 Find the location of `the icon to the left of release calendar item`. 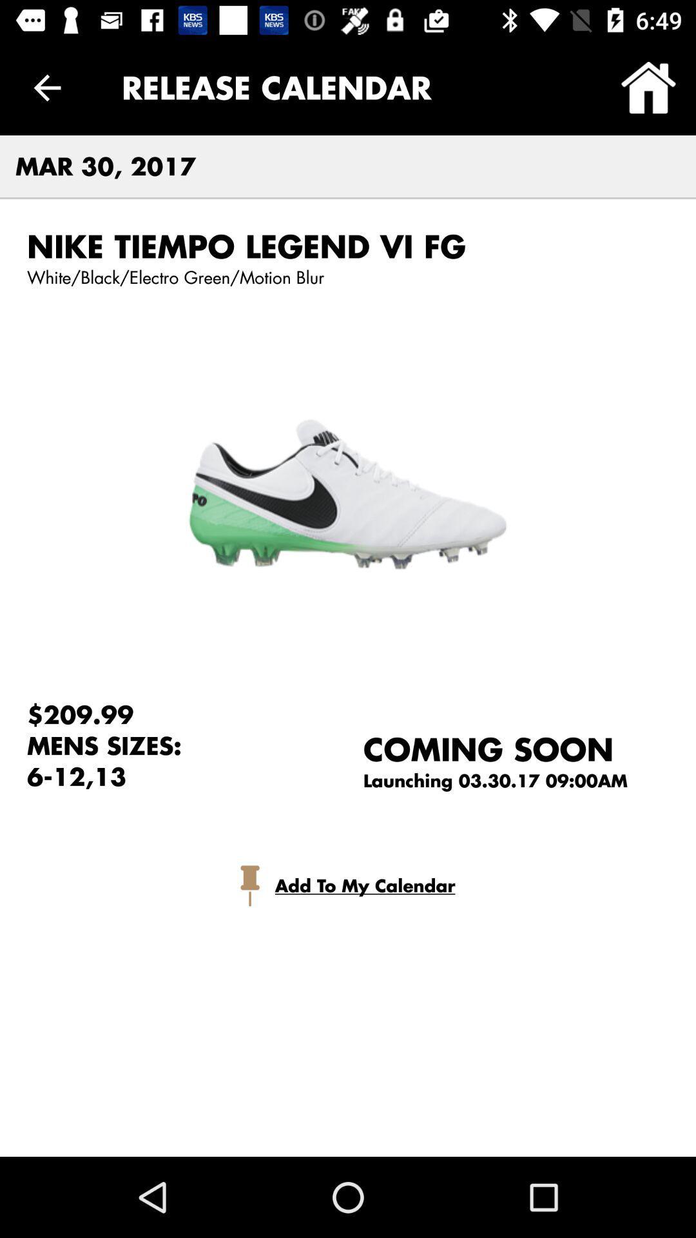

the icon to the left of release calendar item is located at coordinates (46, 87).